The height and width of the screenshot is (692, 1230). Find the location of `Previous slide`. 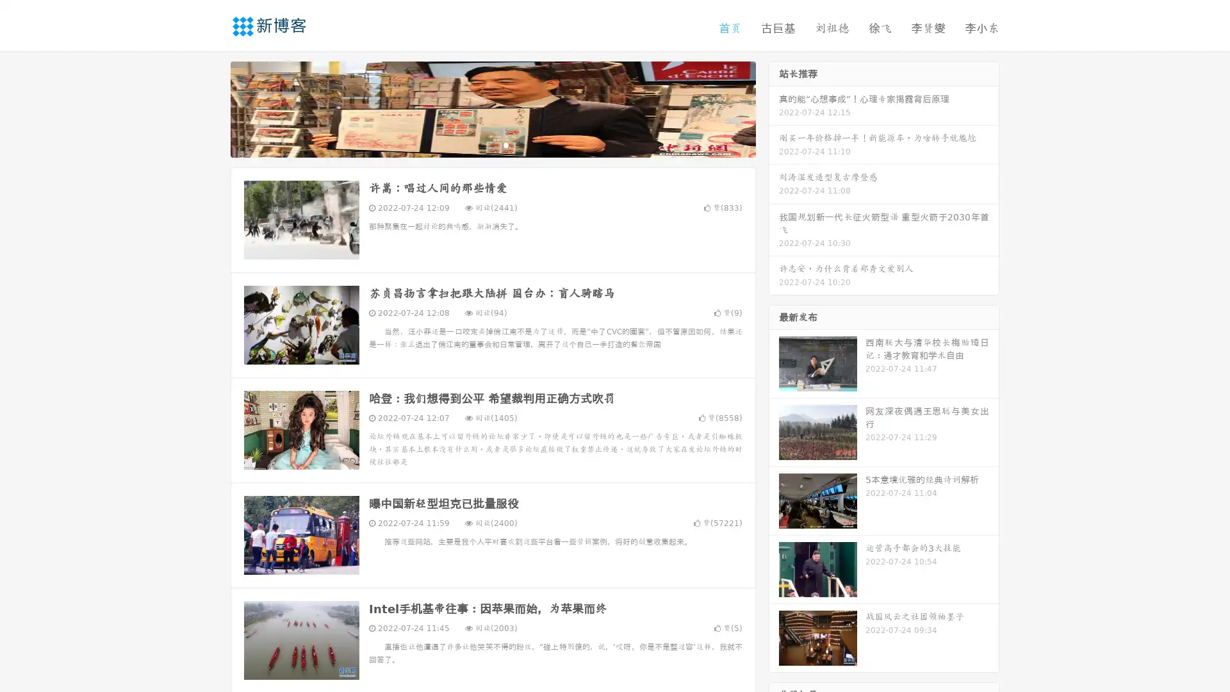

Previous slide is located at coordinates (211, 108).